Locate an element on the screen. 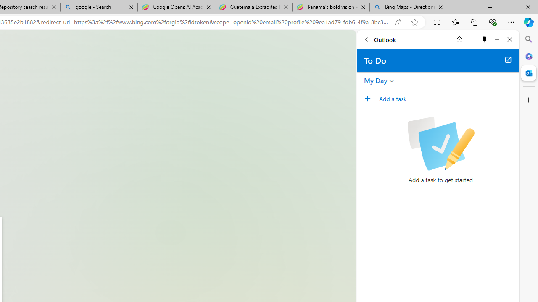 Image resolution: width=538 pixels, height=302 pixels. 'My Day' is located at coordinates (375, 80).